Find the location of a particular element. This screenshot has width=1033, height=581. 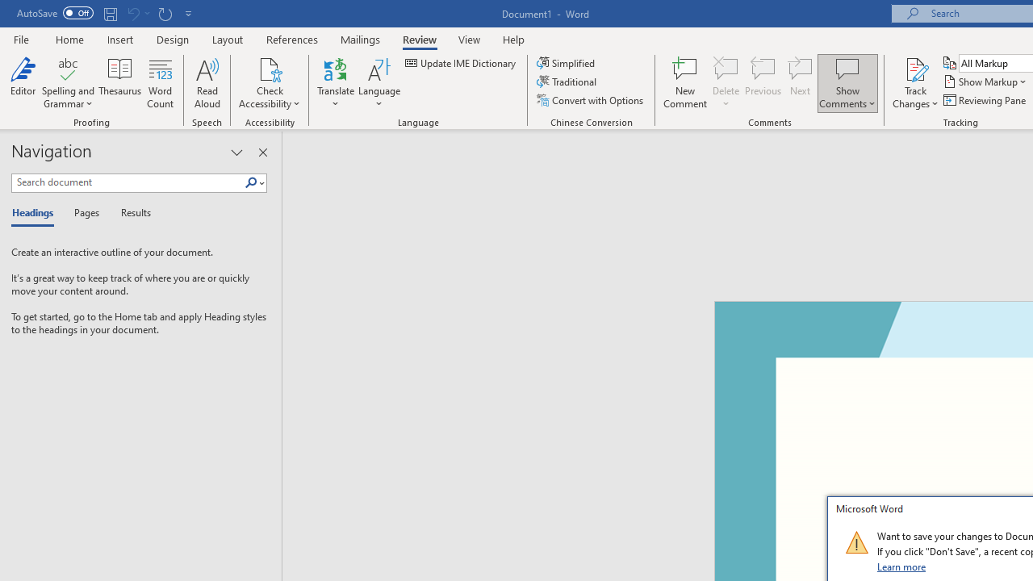

'Save' is located at coordinates (109, 13).